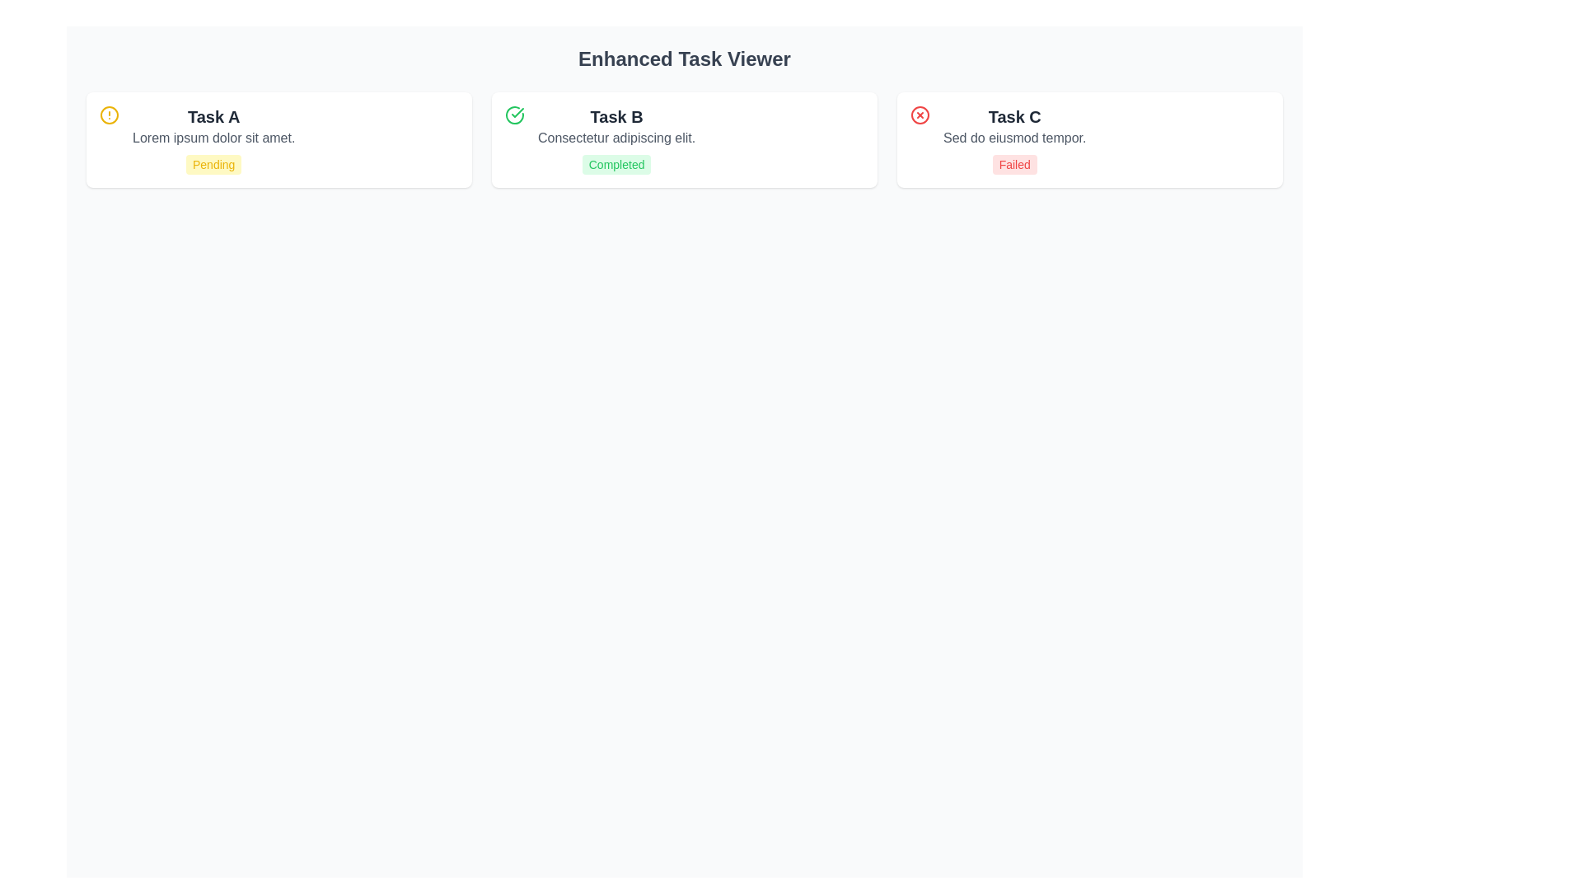 The height and width of the screenshot is (890, 1582). I want to click on the static text element that provides descriptive information about 'Task A', positioned below the 'Task A' title and above the 'Pending' status indicator, so click(213, 138).